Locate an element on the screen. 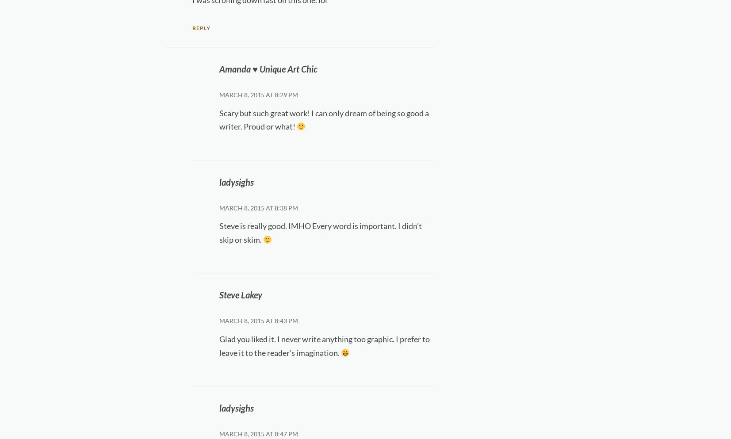 The width and height of the screenshot is (731, 439). 'Glad you liked it. I never write anything too graphic. I prefer to leave it to the reader’s imagination.' is located at coordinates (324, 345).